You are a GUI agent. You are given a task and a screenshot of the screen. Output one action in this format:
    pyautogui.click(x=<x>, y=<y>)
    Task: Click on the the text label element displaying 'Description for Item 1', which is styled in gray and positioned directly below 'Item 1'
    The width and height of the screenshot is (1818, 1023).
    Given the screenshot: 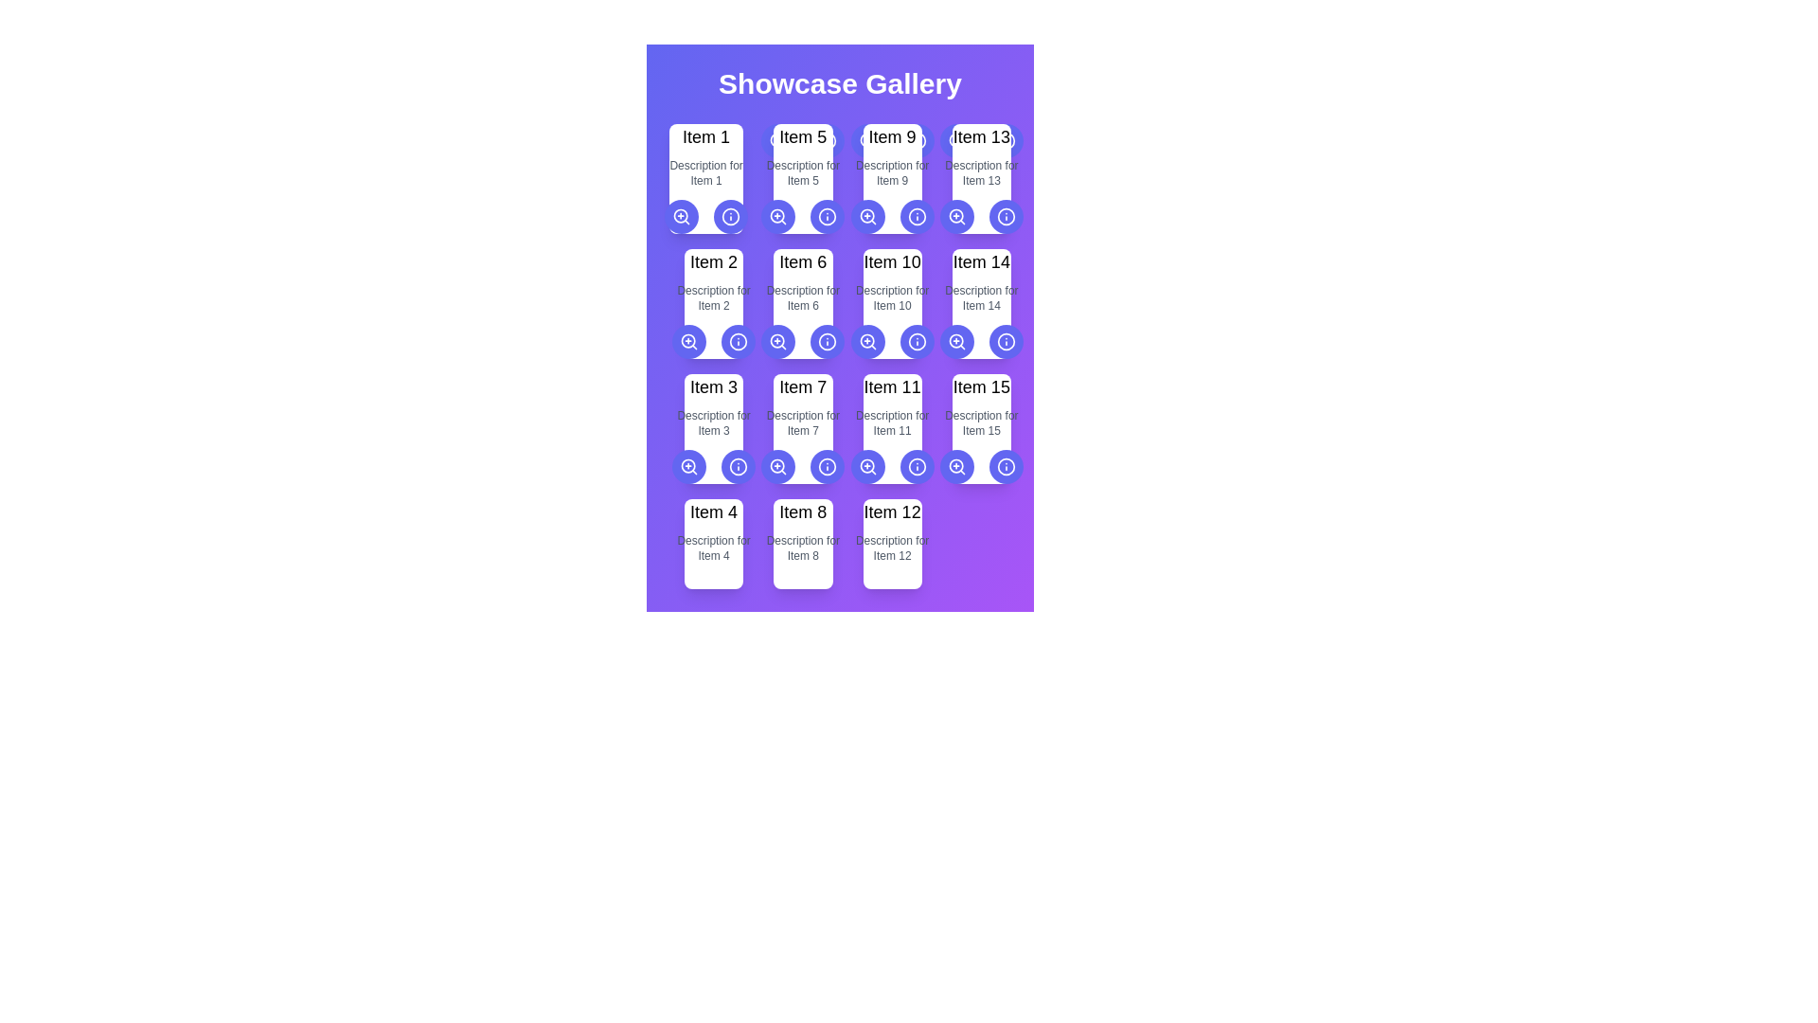 What is the action you would take?
    pyautogui.click(x=705, y=172)
    